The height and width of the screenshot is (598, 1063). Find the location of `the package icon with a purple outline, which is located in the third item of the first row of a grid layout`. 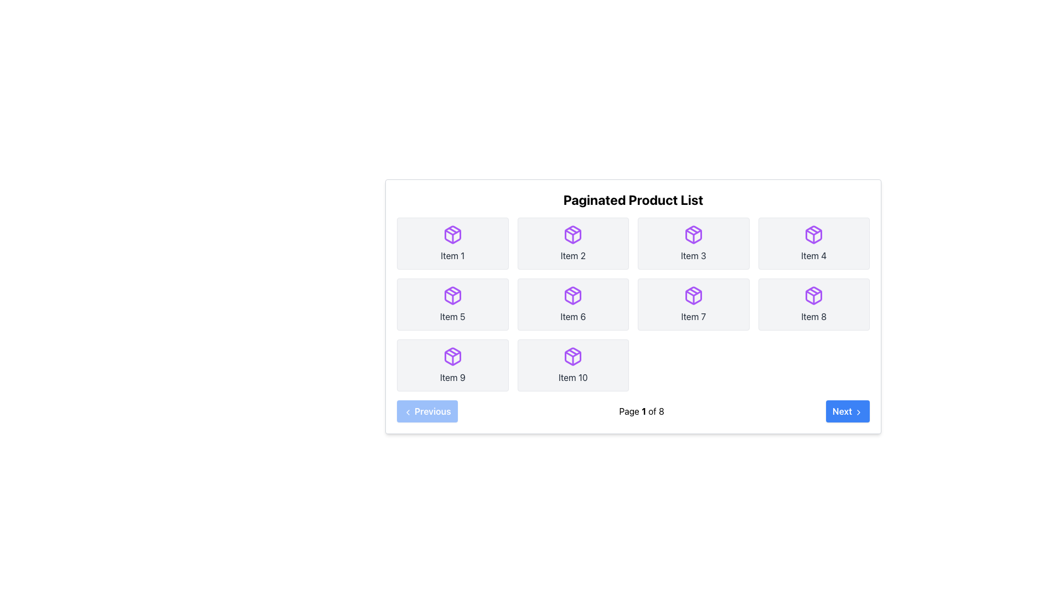

the package icon with a purple outline, which is located in the third item of the first row of a grid layout is located at coordinates (693, 234).